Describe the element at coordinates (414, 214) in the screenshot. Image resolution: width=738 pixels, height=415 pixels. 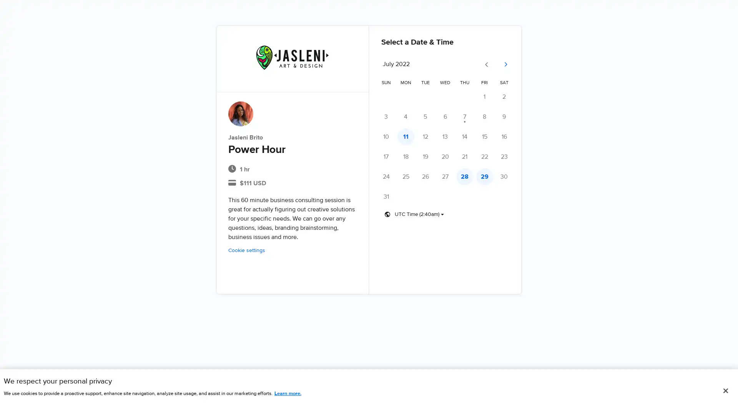
I see `Timezone dropdown button` at that location.